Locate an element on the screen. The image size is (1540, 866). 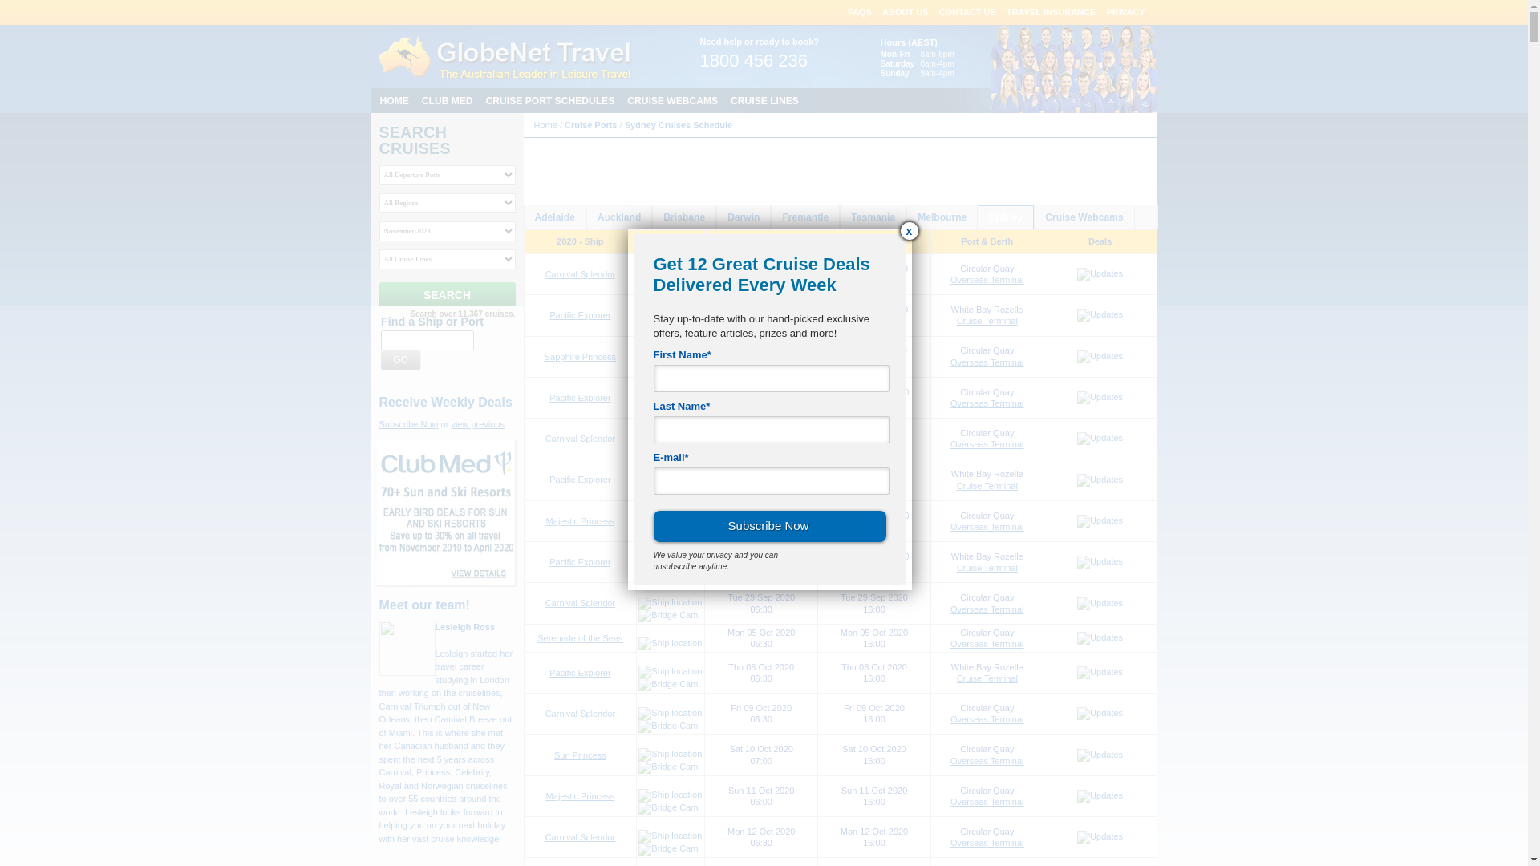
'Updates' is located at coordinates (1099, 836).